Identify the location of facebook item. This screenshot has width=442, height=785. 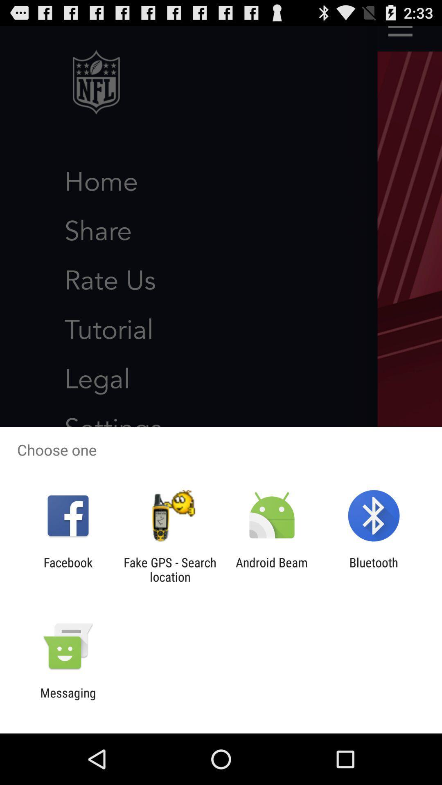
(68, 569).